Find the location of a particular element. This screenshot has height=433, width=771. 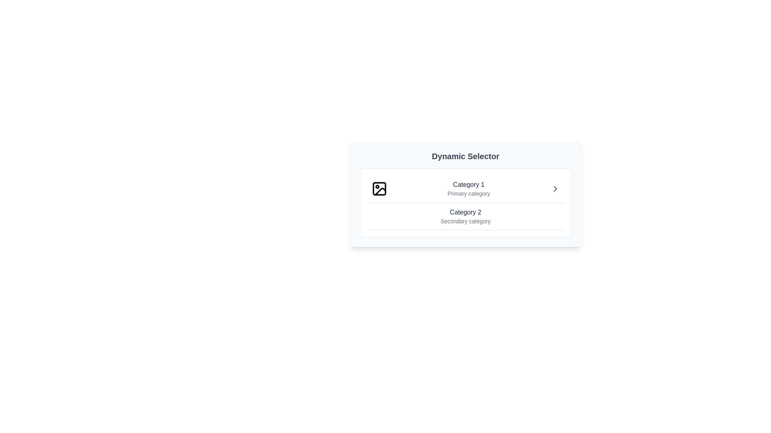

the 'Category 2' label is located at coordinates (465, 216).